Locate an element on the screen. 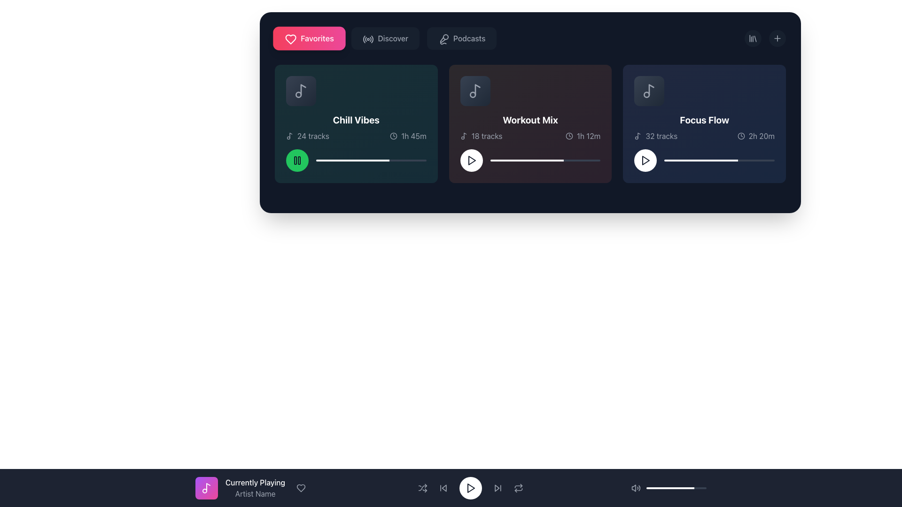  the outlined leftward arrow icon button located second from the left in the bottom navigation bar to skip to the previous track is located at coordinates (443, 488).